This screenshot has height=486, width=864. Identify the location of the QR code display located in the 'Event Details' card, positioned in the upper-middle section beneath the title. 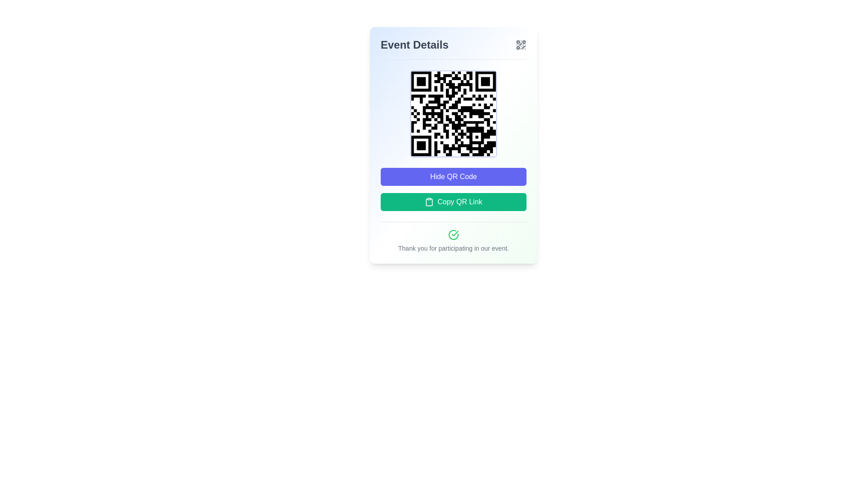
(454, 113).